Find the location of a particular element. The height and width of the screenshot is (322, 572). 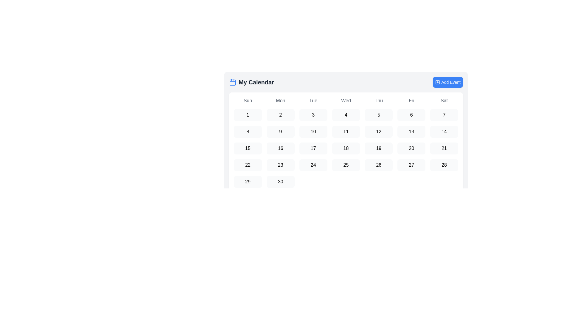

the Date button located in the calendar grid under 'Mon', specifically in the fourth row and second column is located at coordinates (280, 148).